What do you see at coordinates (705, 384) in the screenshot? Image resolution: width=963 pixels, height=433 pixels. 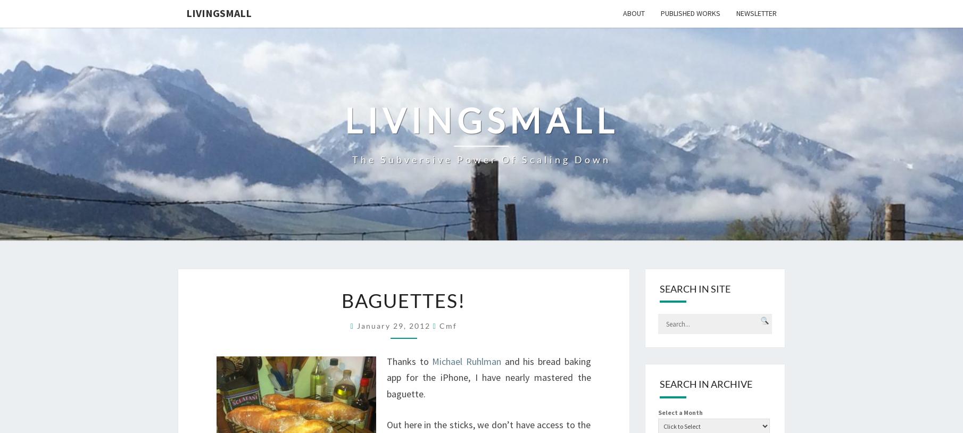 I see `'Search in Archive'` at bounding box center [705, 384].